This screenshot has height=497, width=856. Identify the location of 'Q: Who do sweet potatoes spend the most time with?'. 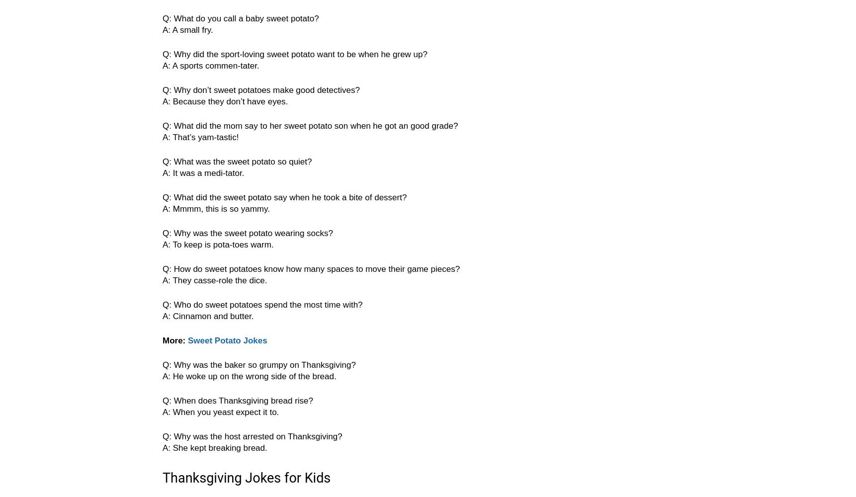
(262, 304).